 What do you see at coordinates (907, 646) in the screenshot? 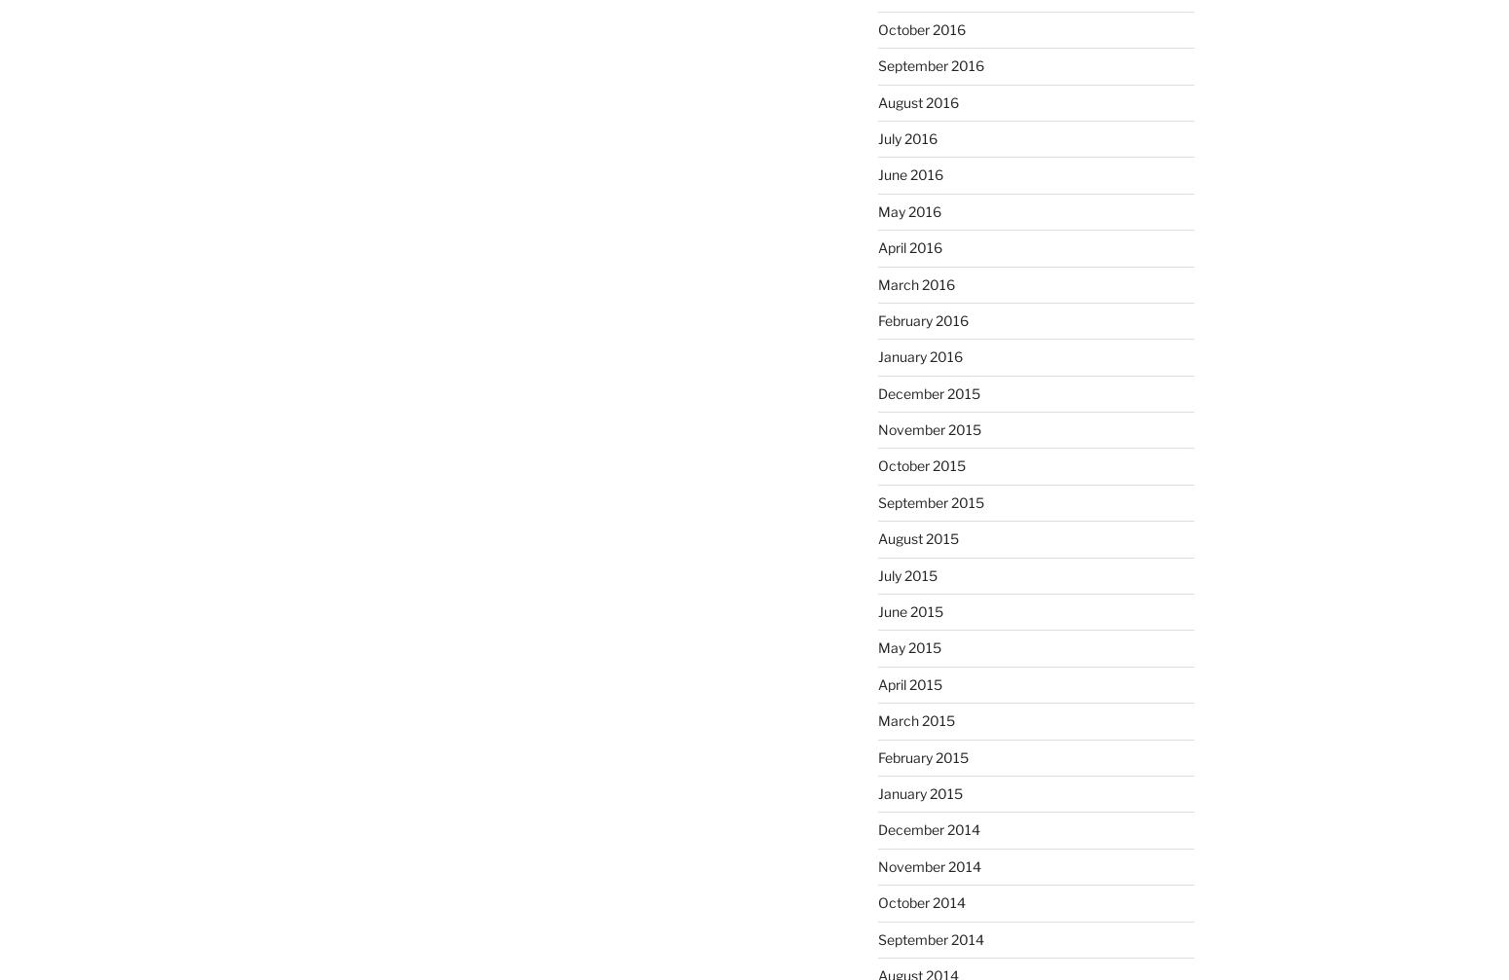
I see `'May 2015'` at bounding box center [907, 646].